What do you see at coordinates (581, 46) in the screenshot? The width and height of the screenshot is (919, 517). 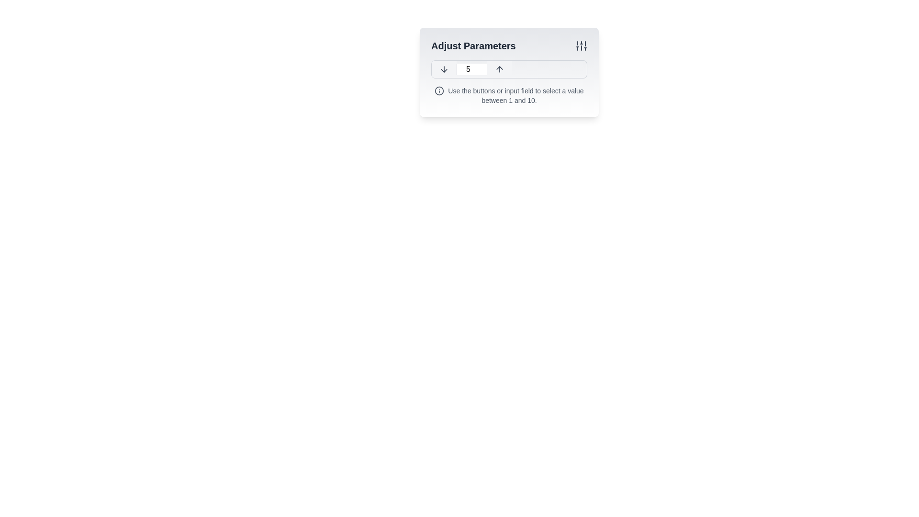 I see `the adjustable parameters icon located in the top-right corner of the 'Adjust Parameters' section, adjacent to the text heading 'Adjust Parameters'` at bounding box center [581, 46].